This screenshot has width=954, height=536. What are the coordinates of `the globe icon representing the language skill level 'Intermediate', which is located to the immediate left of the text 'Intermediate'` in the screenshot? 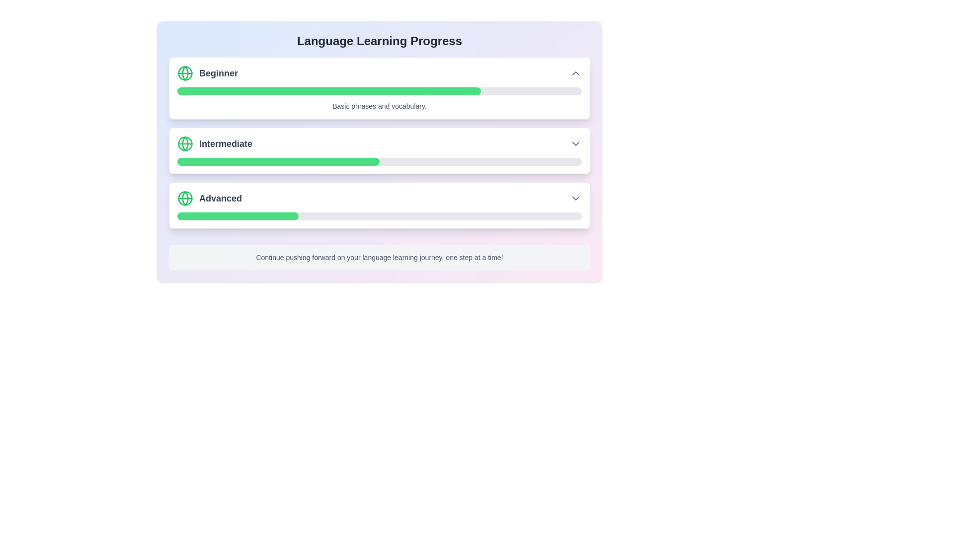 It's located at (185, 143).